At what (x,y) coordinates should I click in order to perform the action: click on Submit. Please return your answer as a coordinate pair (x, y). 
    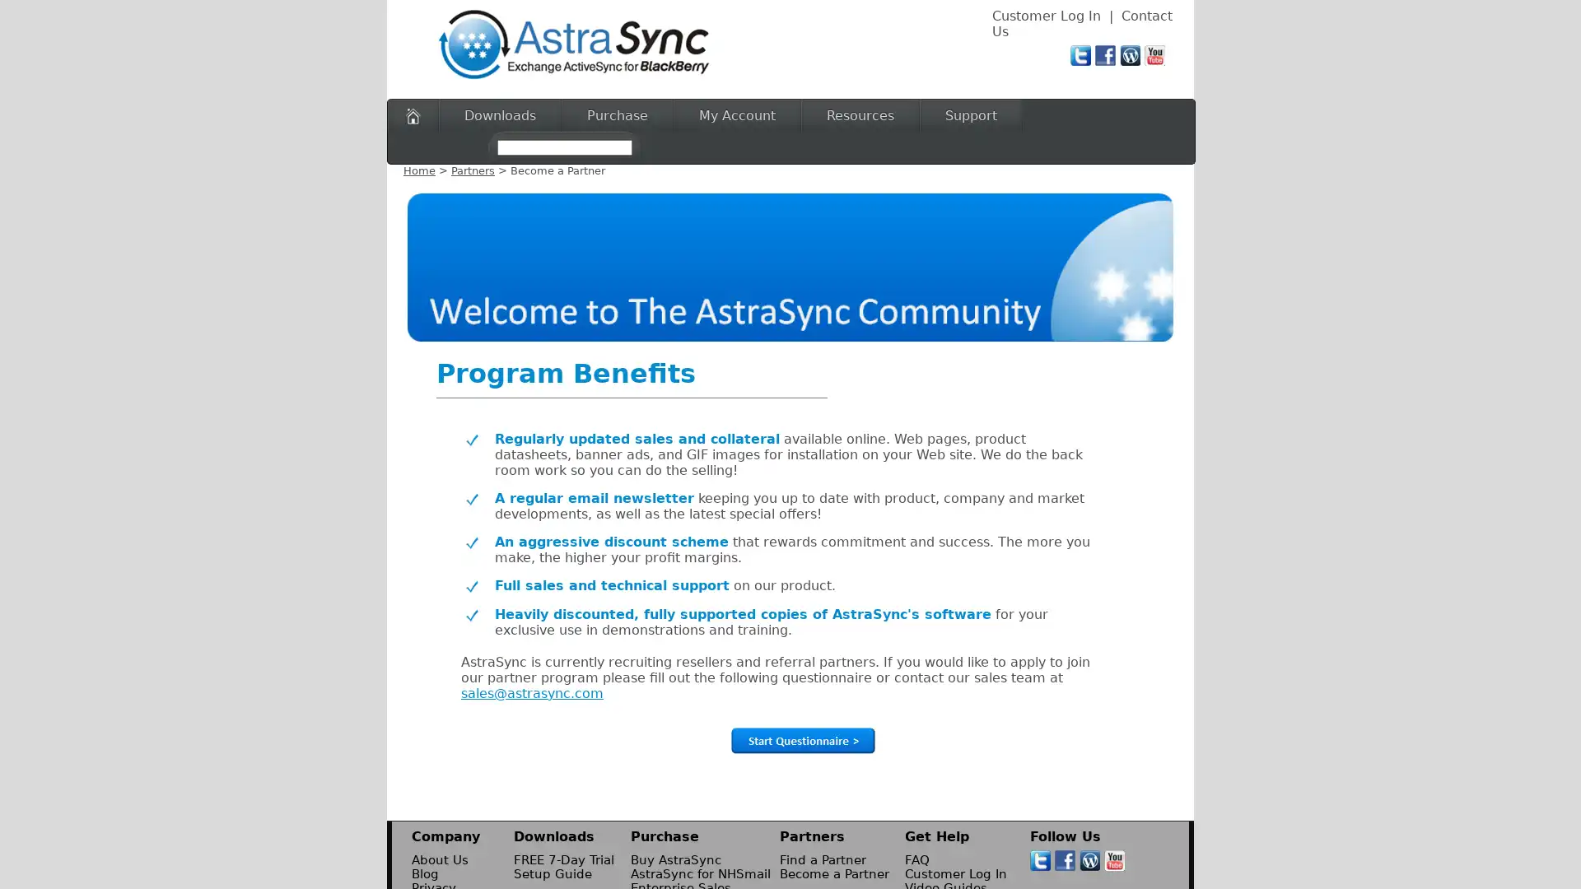
    Looking at the image, I should click on (802, 739).